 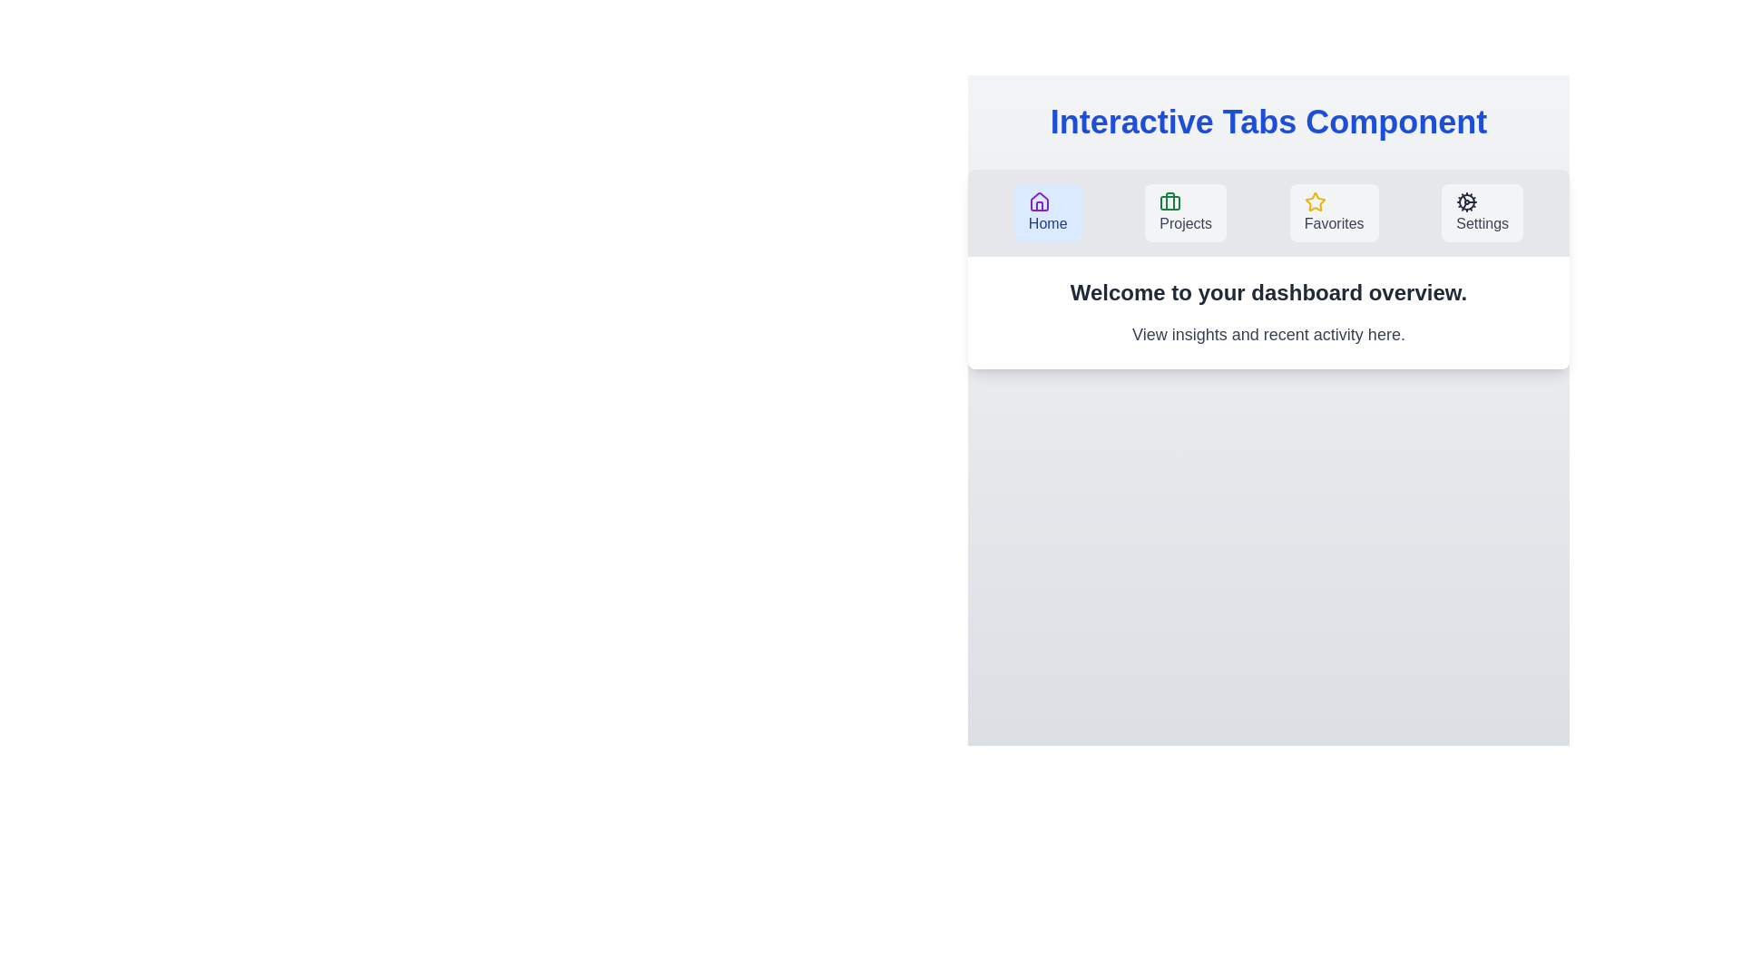 What do you see at coordinates (1334, 212) in the screenshot?
I see `the Favorites tab by clicking on its button` at bounding box center [1334, 212].